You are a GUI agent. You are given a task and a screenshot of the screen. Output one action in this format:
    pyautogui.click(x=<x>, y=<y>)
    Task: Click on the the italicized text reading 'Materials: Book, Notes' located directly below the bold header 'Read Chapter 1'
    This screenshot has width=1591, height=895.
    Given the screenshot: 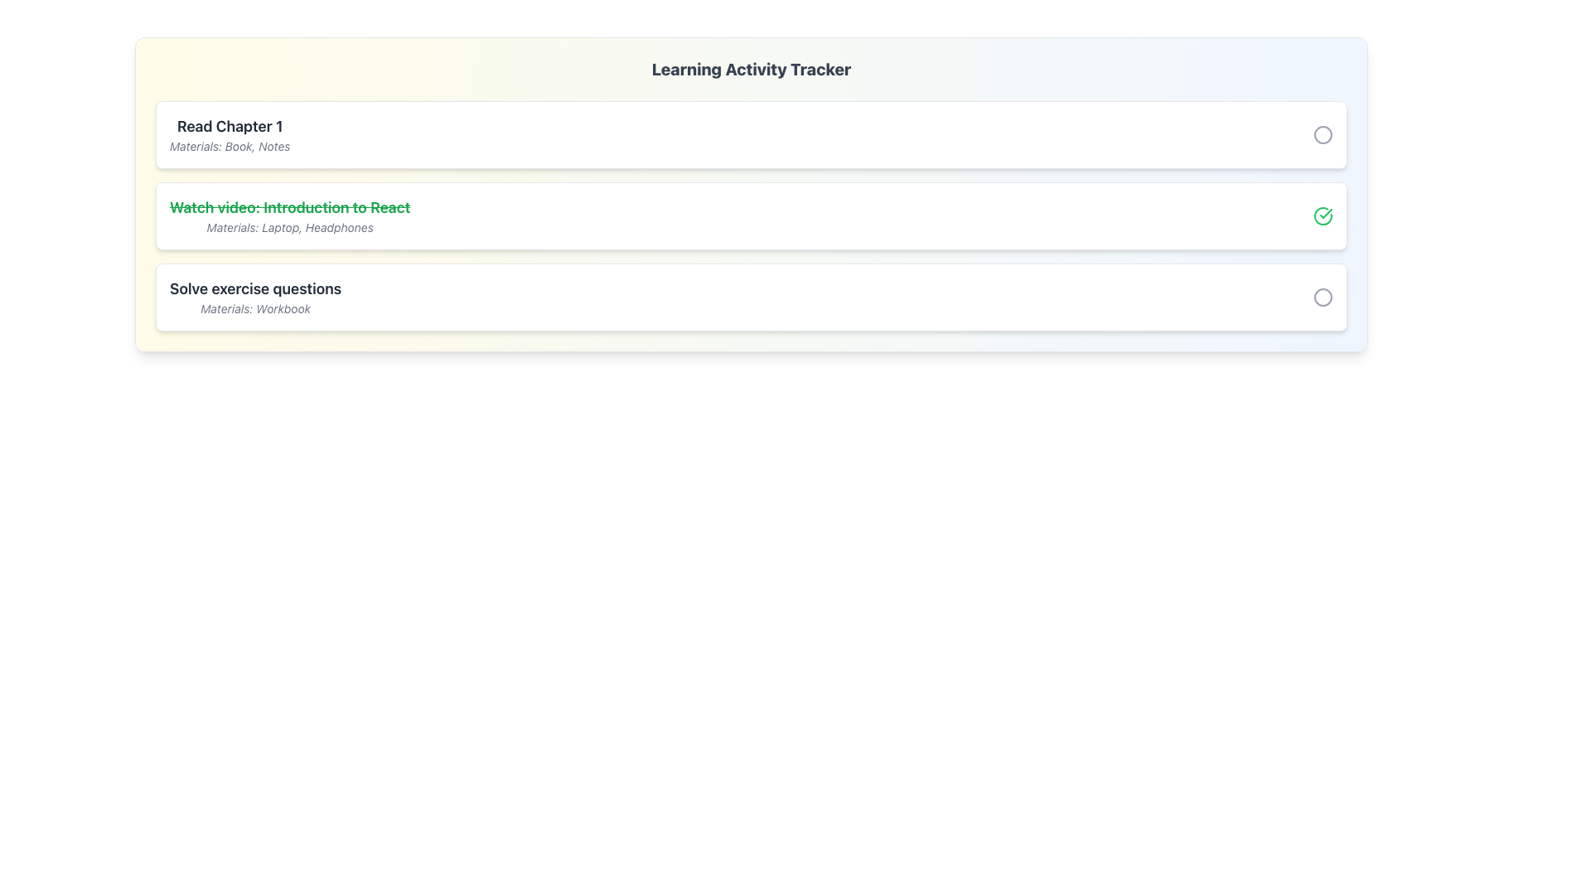 What is the action you would take?
    pyautogui.click(x=229, y=146)
    